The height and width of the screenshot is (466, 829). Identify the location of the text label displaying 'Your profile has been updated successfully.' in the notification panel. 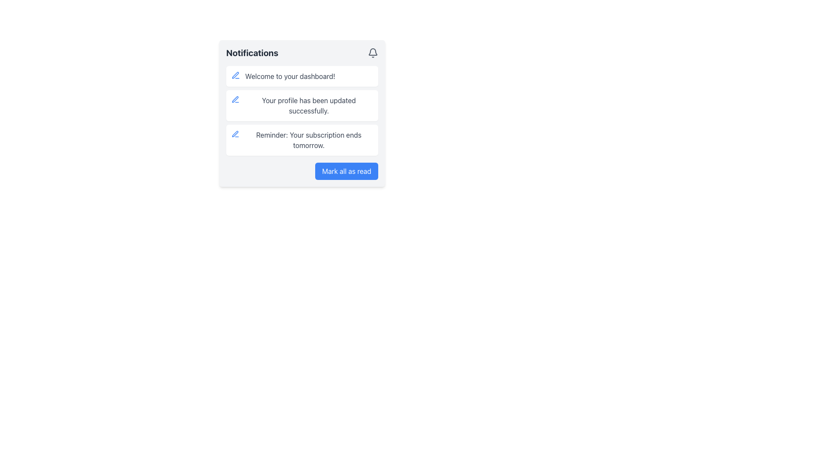
(309, 105).